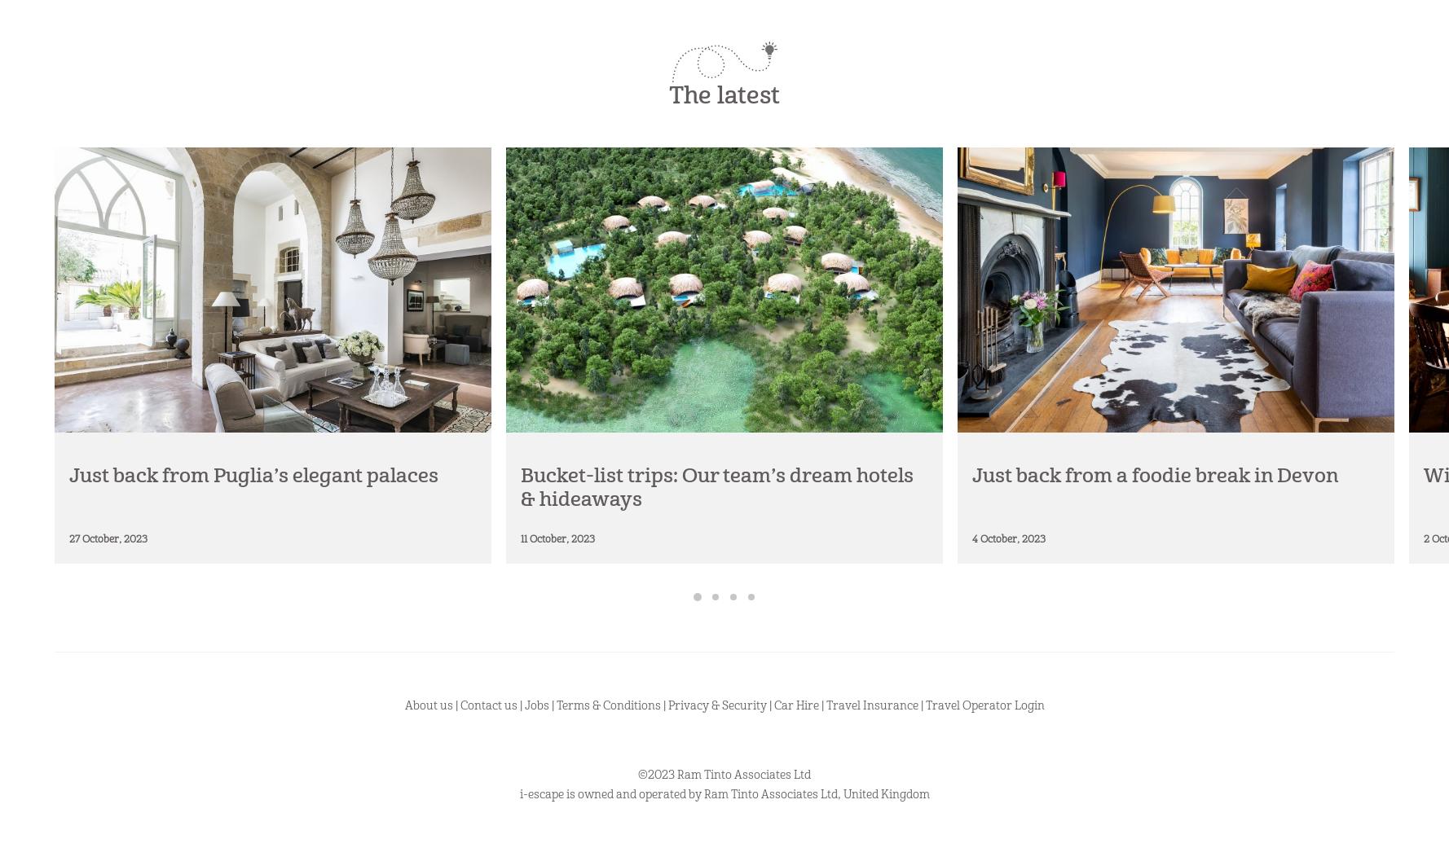 The height and width of the screenshot is (848, 1449). Describe the element at coordinates (716, 487) in the screenshot. I see `'Bucket-list trips: Our team’s dream hotels & hideaways'` at that location.